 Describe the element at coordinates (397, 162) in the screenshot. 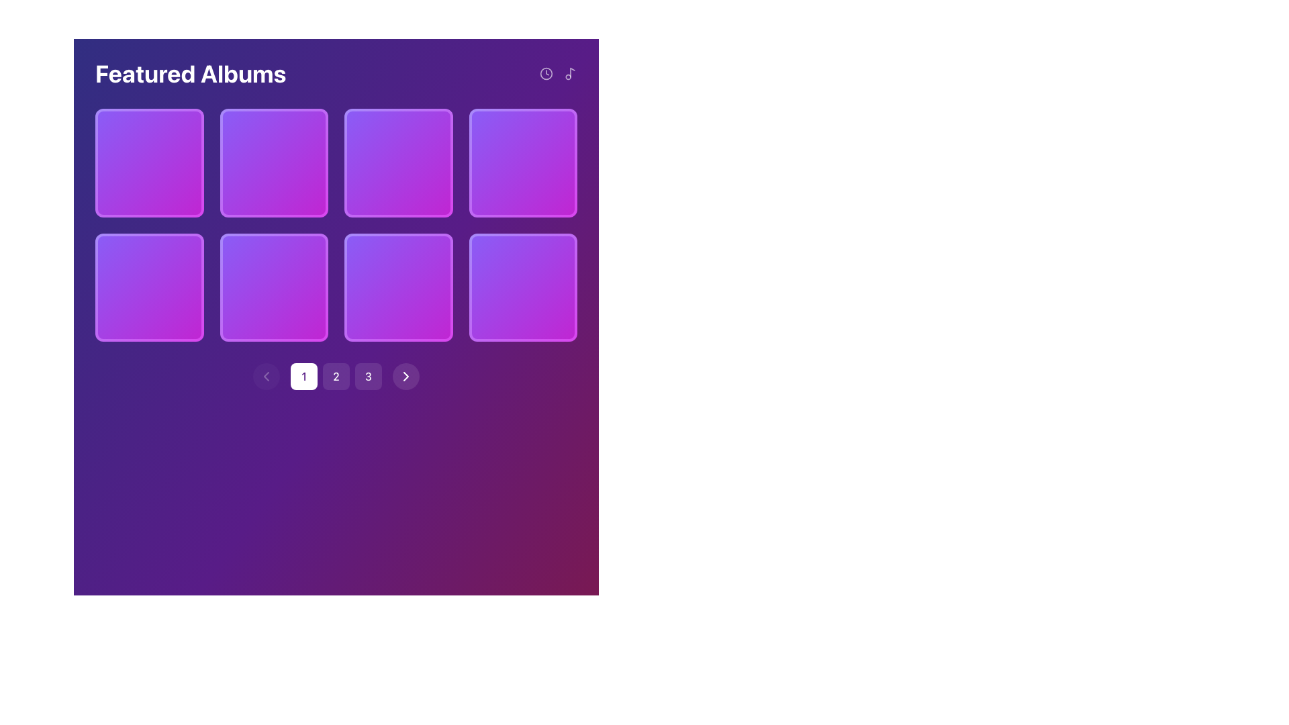

I see `the Album card representing 'Album 3' by 'Artist 3'` at that location.